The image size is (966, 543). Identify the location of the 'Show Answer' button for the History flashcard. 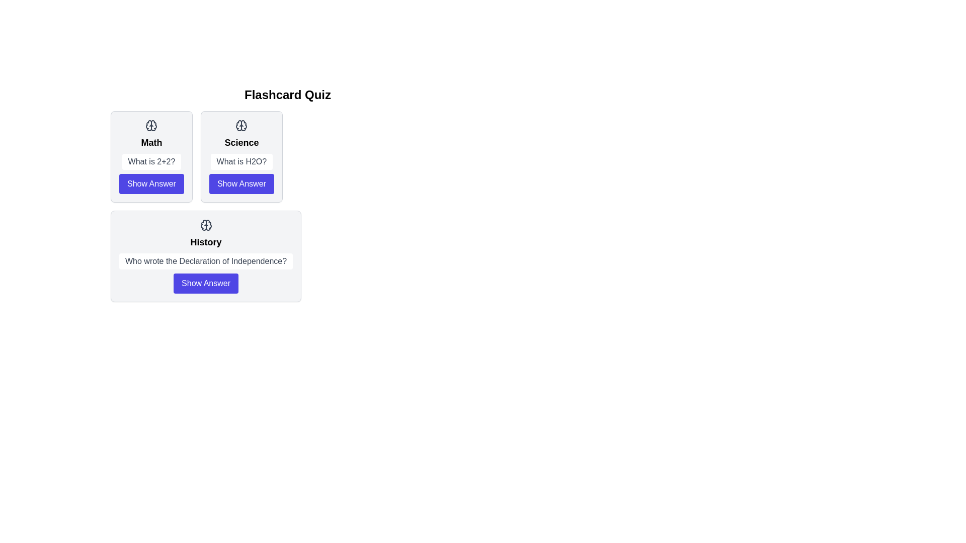
(205, 283).